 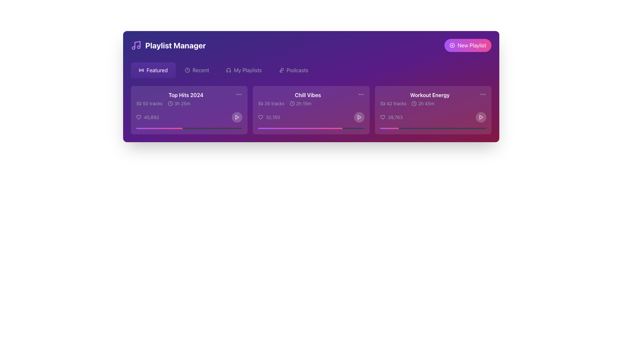 I want to click on the Duration label with an associated icon located in the 'Chill Vibes' card, which is positioned below the text '35 tracks' and to the left of '32,150', so click(x=300, y=103).